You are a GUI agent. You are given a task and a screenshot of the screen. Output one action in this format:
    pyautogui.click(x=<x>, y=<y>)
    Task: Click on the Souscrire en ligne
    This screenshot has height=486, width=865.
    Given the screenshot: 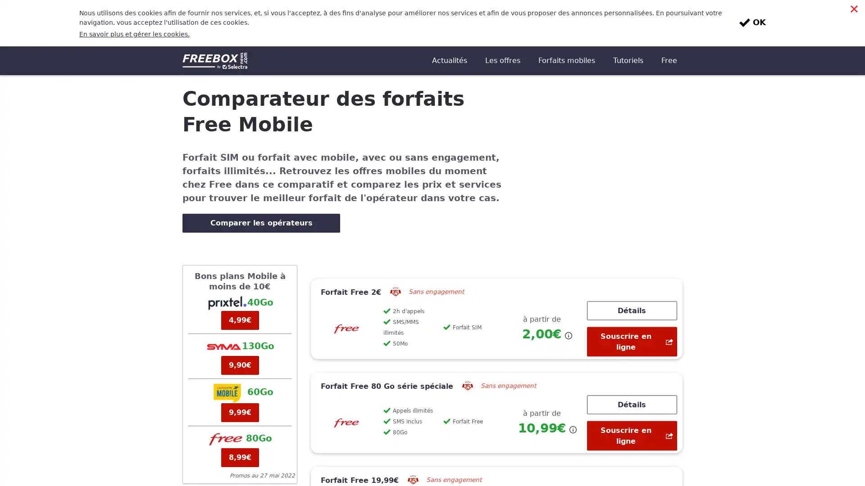 What is the action you would take?
    pyautogui.click(x=631, y=388)
    